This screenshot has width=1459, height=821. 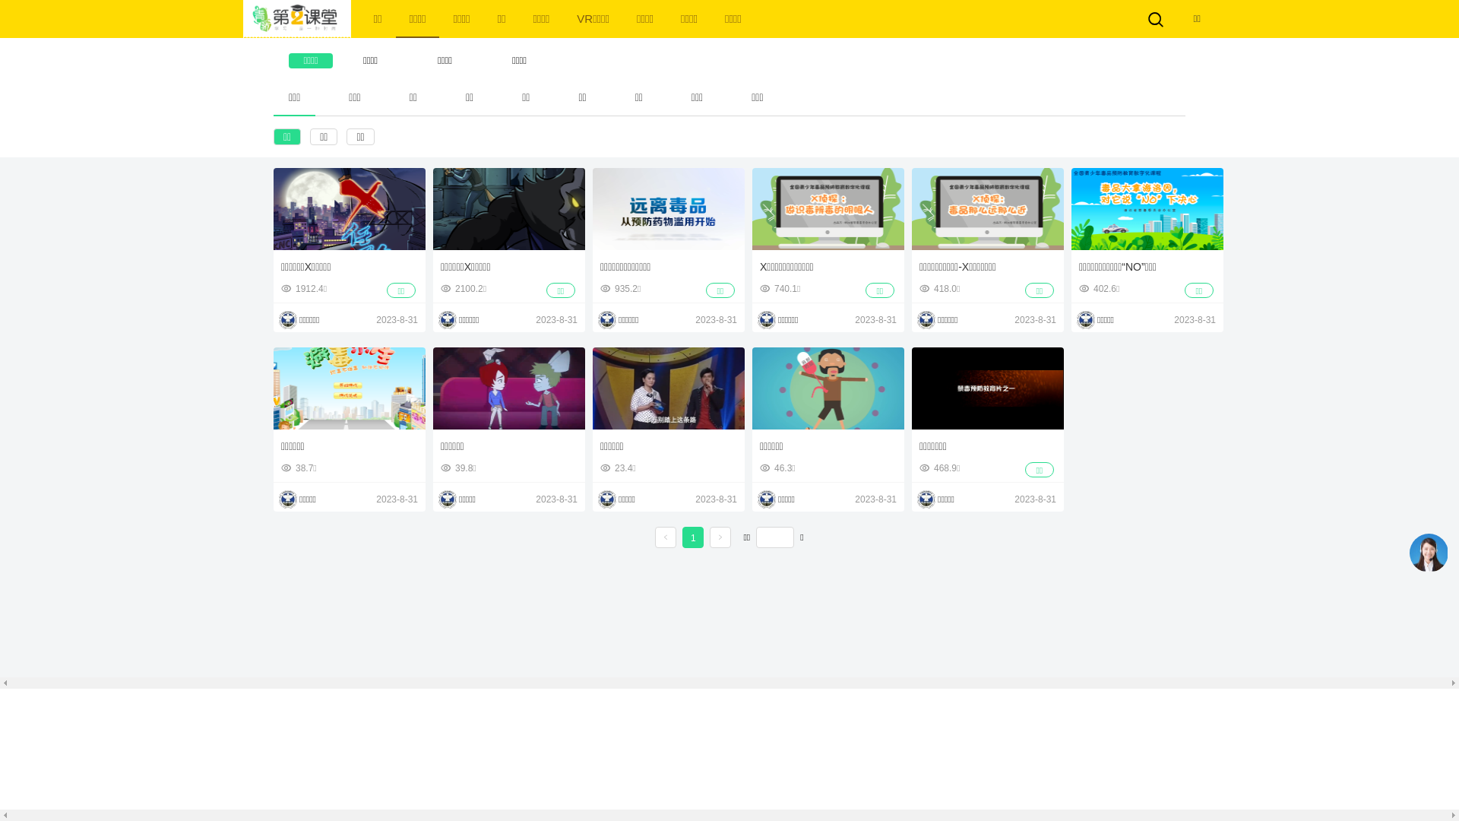 I want to click on '1', so click(x=692, y=537).